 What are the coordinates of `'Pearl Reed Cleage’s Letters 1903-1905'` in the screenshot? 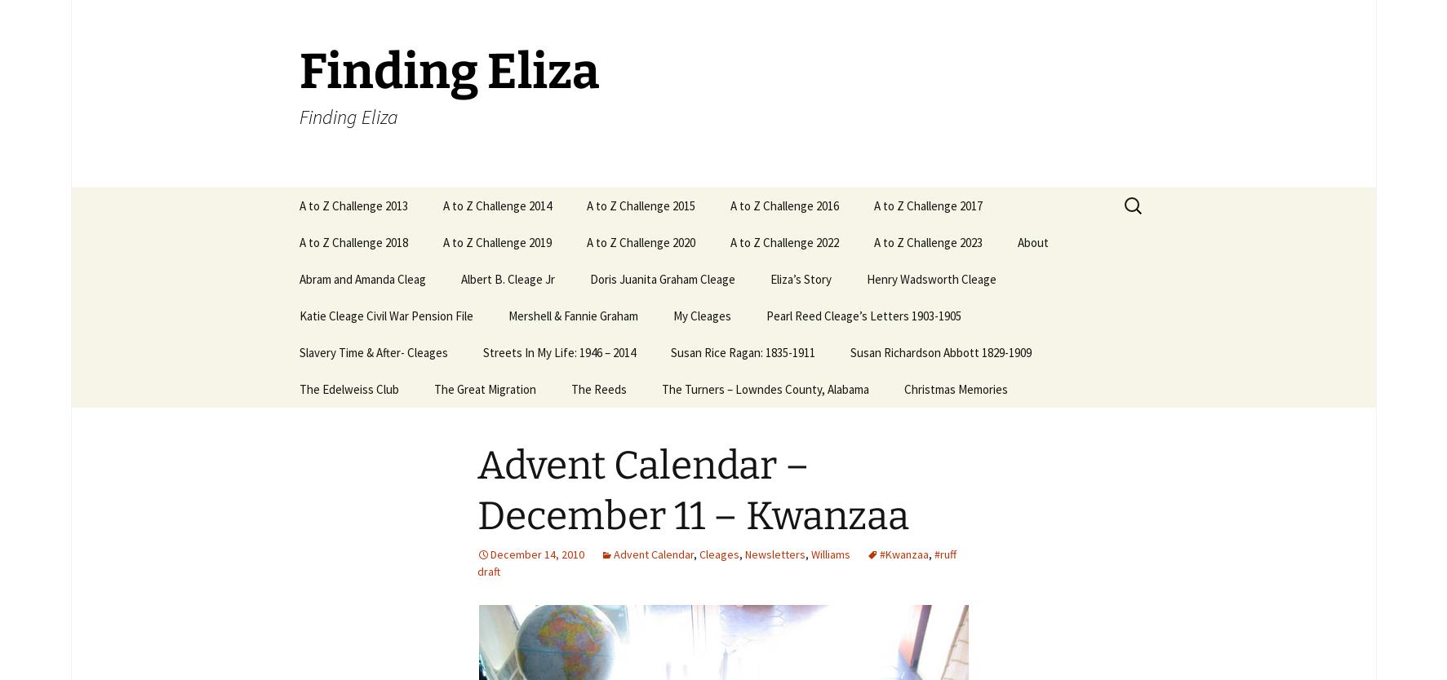 It's located at (862, 315).